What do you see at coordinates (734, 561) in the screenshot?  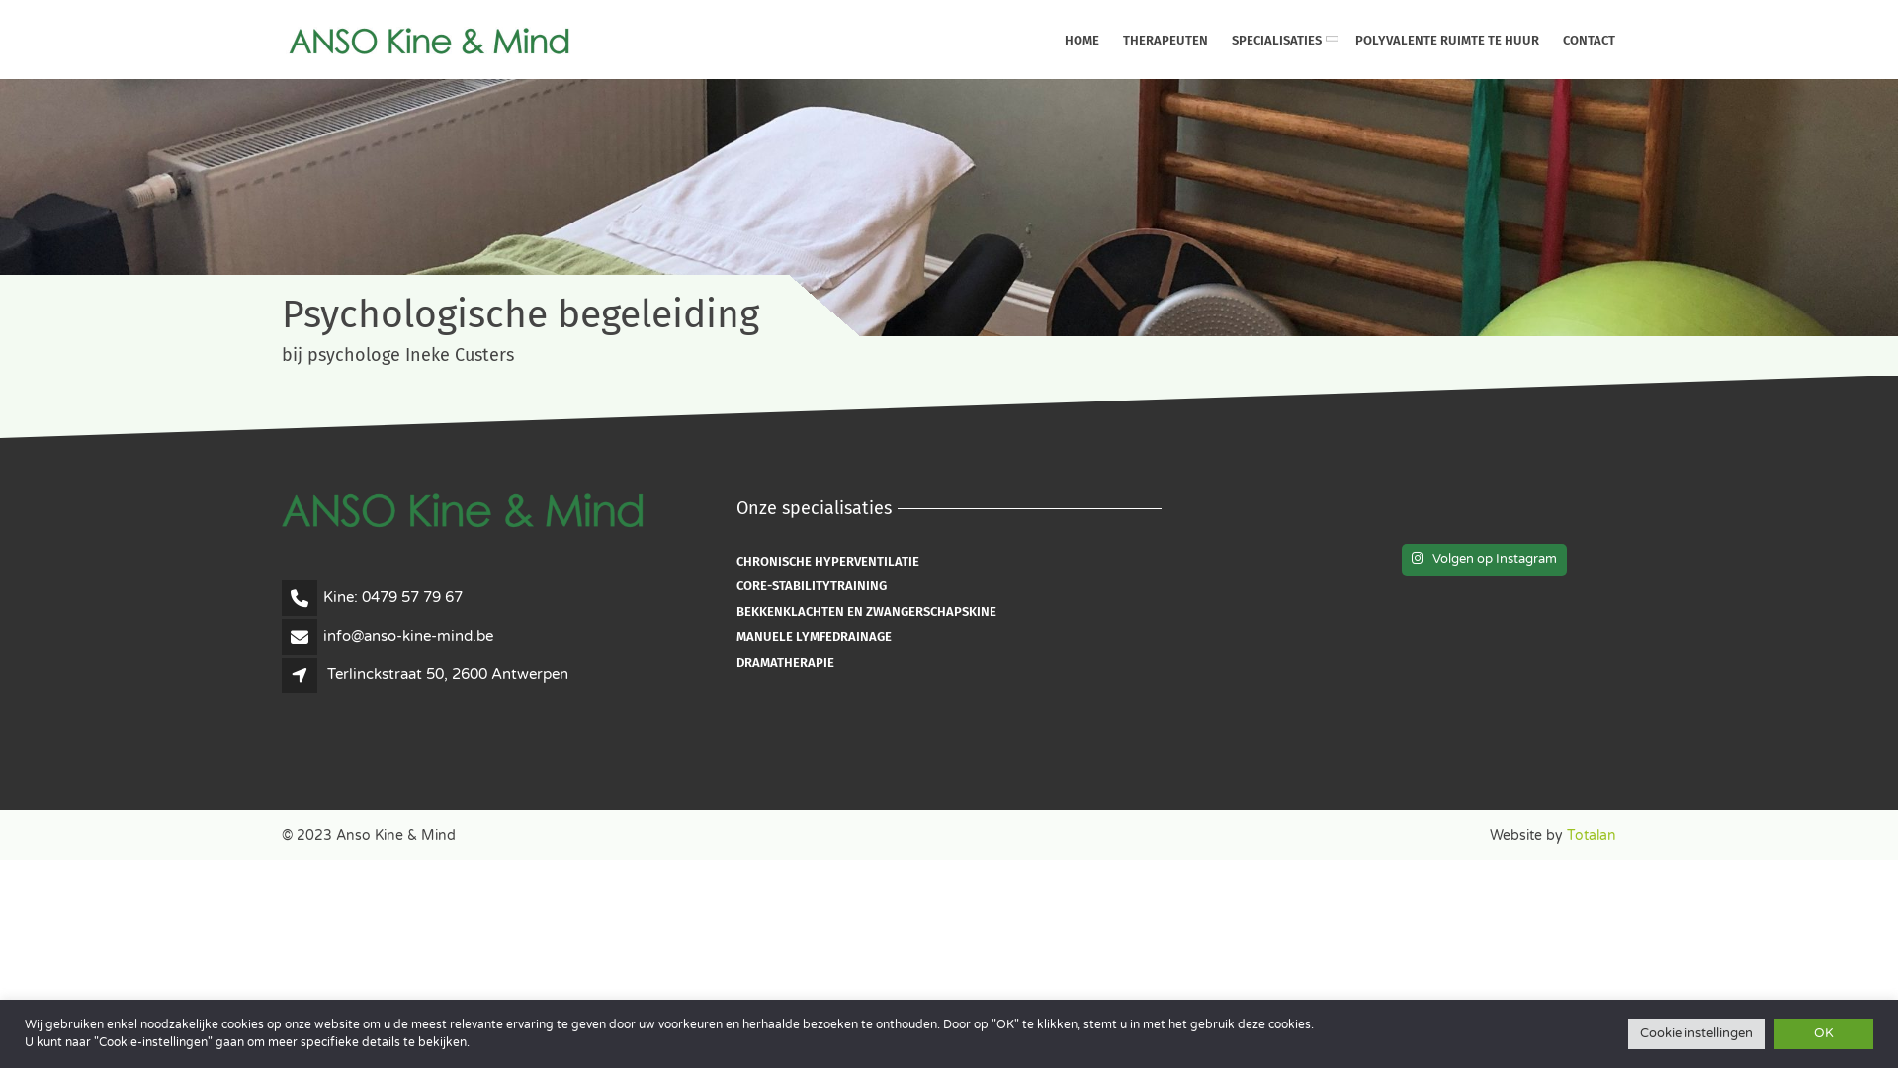 I see `'CHRONISCHE HYPERVENTILATIE'` at bounding box center [734, 561].